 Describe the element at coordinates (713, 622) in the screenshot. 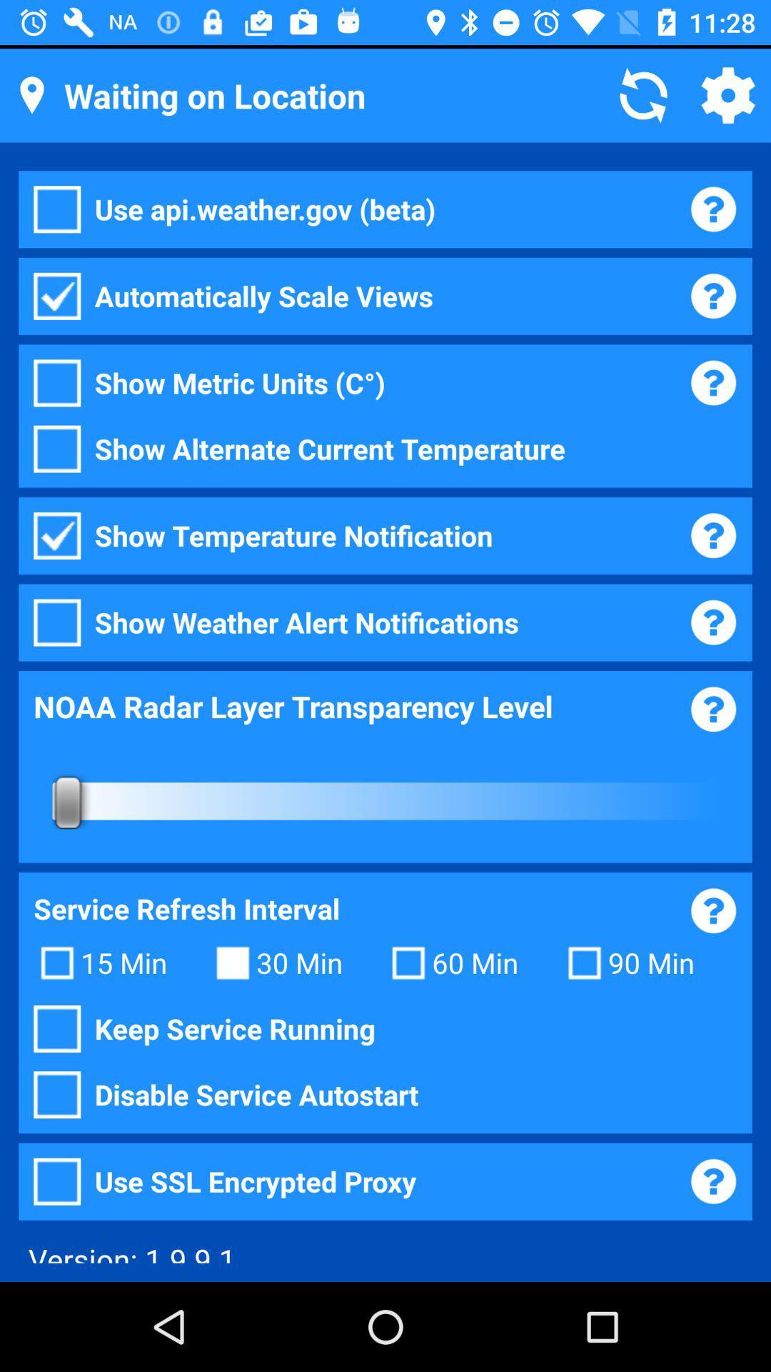

I see `the help icon` at that location.